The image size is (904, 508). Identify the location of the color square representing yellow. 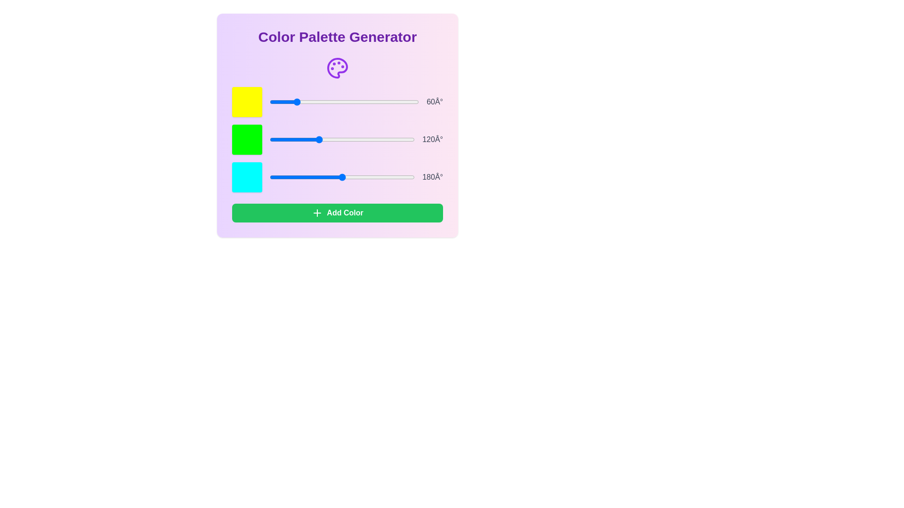
(247, 102).